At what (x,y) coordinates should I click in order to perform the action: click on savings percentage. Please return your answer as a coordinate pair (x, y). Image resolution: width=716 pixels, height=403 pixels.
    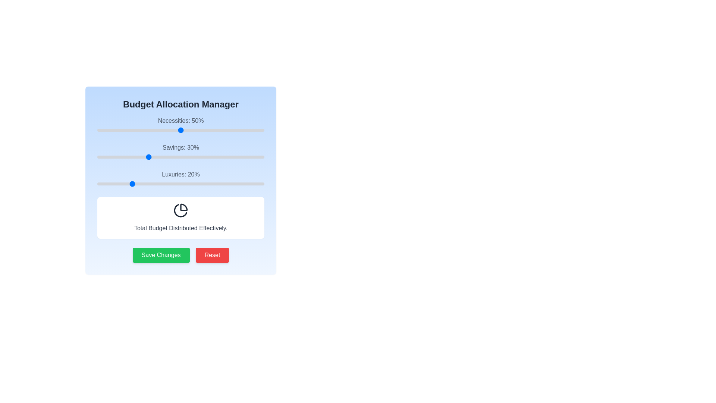
    Looking at the image, I should click on (209, 156).